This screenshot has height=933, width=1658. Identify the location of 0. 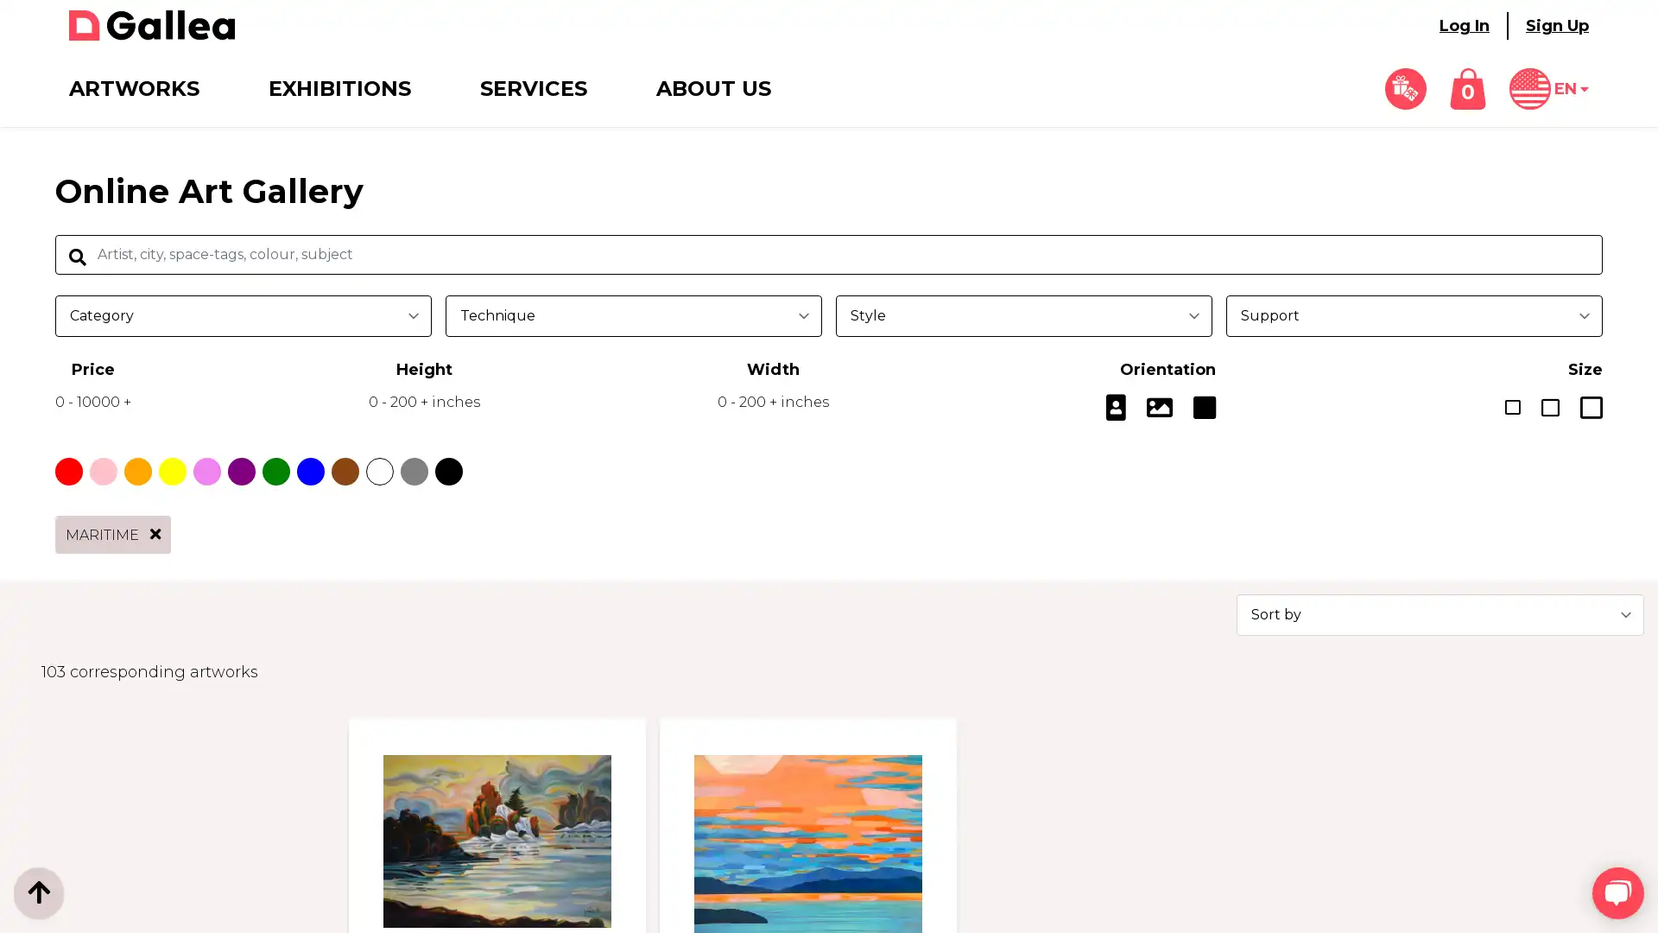
(1466, 89).